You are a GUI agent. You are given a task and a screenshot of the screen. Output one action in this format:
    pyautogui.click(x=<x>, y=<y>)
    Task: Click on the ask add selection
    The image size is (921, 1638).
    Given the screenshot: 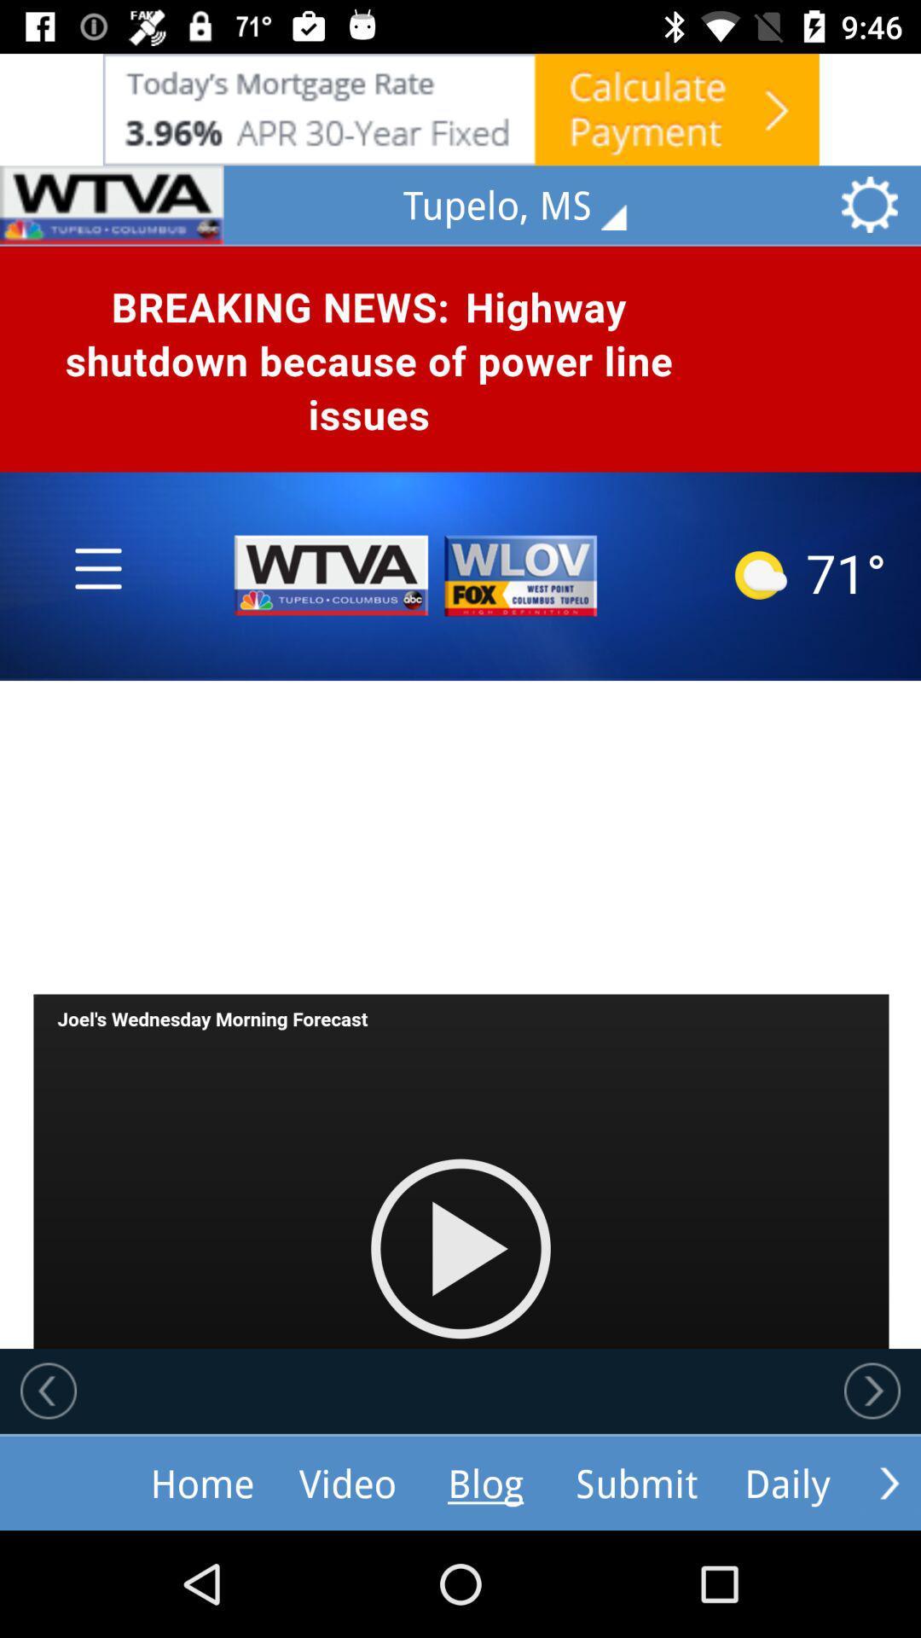 What is the action you would take?
    pyautogui.click(x=112, y=205)
    